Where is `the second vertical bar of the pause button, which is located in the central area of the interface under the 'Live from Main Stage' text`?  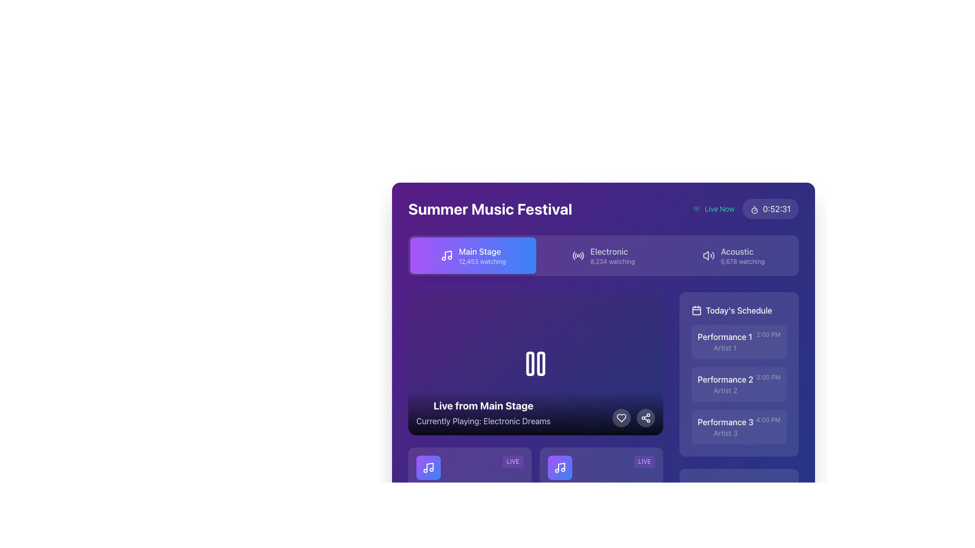
the second vertical bar of the pause button, which is located in the central area of the interface under the 'Live from Main Stage' text is located at coordinates (540, 363).